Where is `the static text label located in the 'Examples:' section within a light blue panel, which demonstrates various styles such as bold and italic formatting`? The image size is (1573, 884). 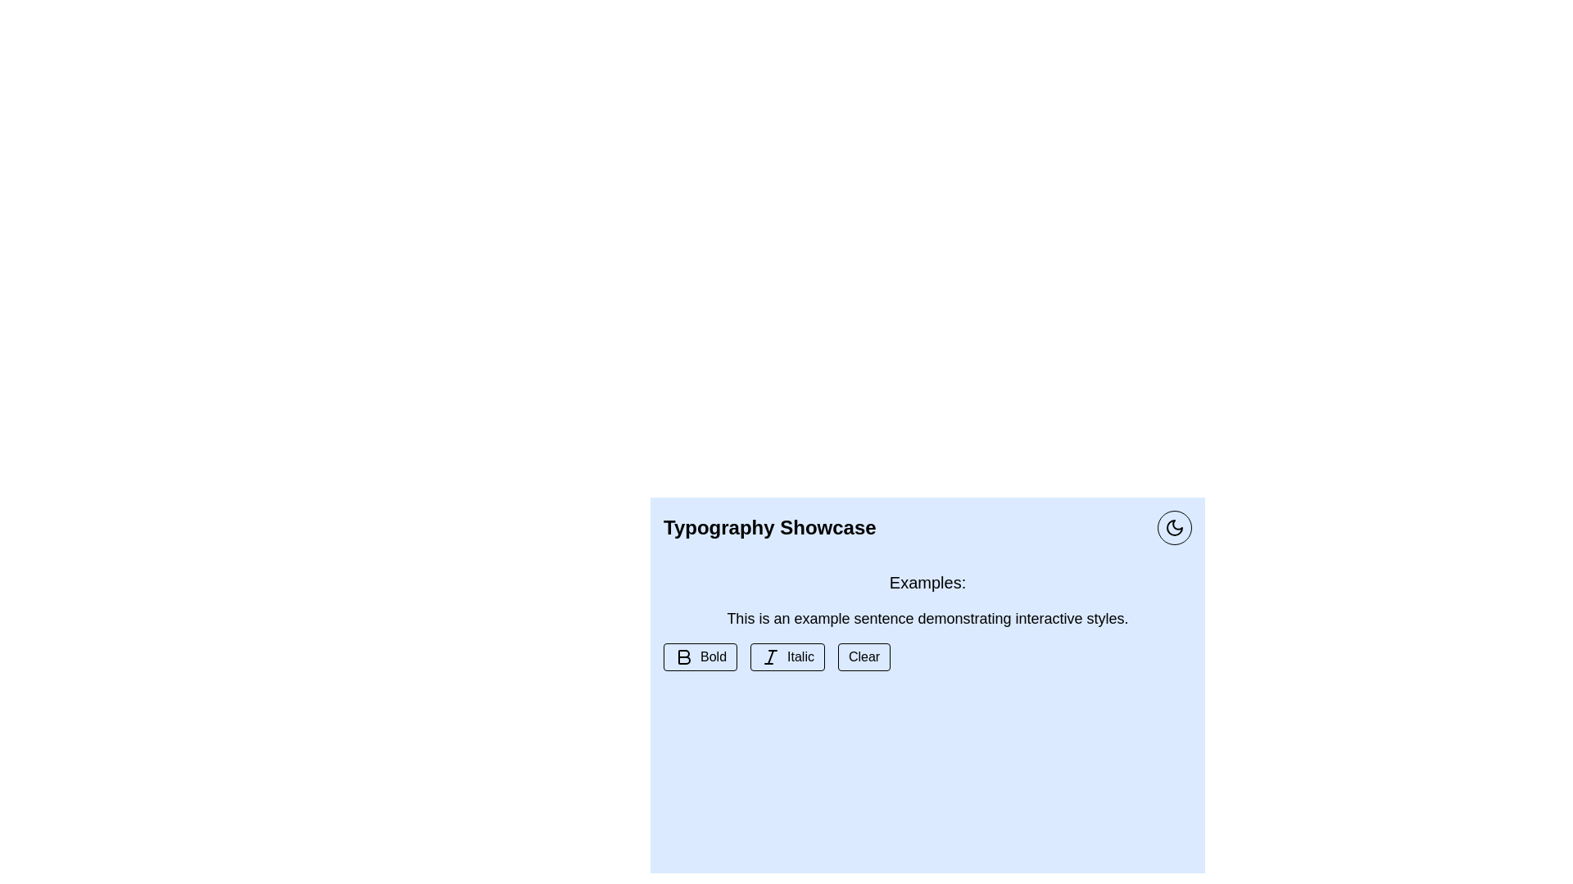
the static text label located in the 'Examples:' section within a light blue panel, which demonstrates various styles such as bold and italic formatting is located at coordinates (927, 619).